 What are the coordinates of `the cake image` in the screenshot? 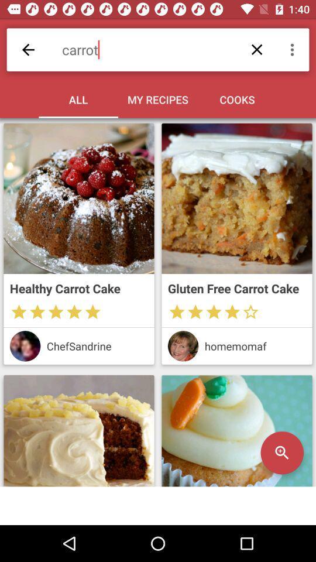 It's located at (79, 198).